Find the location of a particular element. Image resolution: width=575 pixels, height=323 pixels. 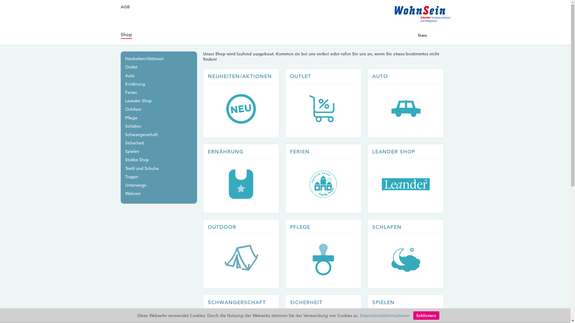

'LEANDER SHOP' is located at coordinates (408, 178).